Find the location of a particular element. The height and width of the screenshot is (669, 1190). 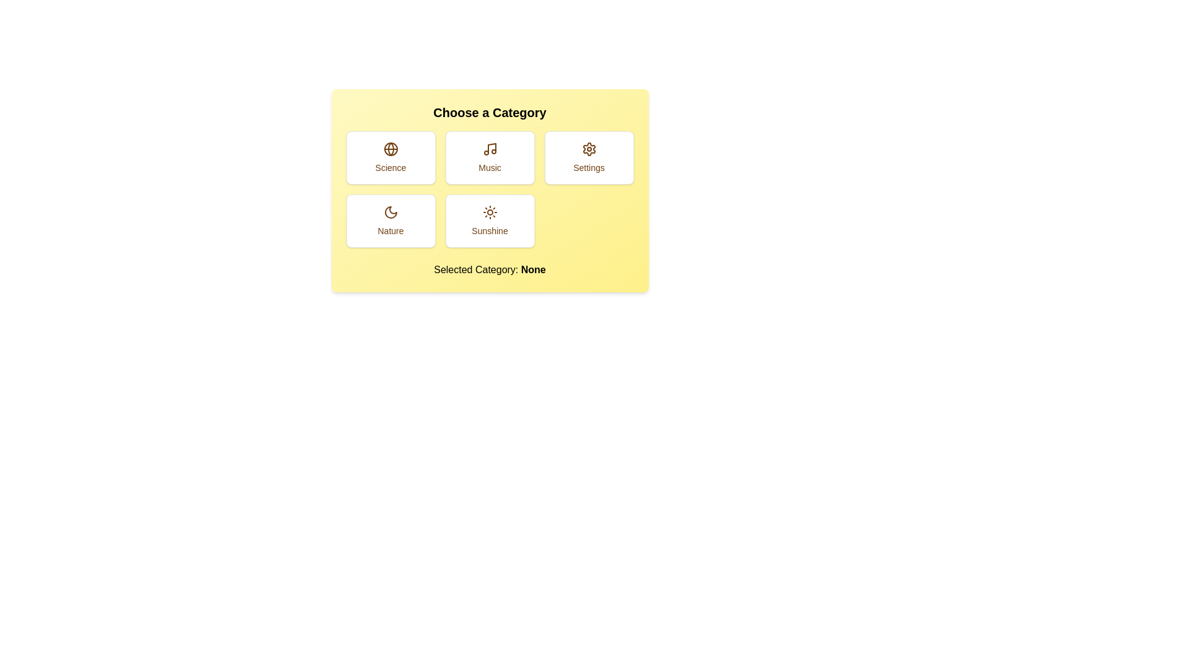

the category option in the Selector Component is located at coordinates (489, 191).